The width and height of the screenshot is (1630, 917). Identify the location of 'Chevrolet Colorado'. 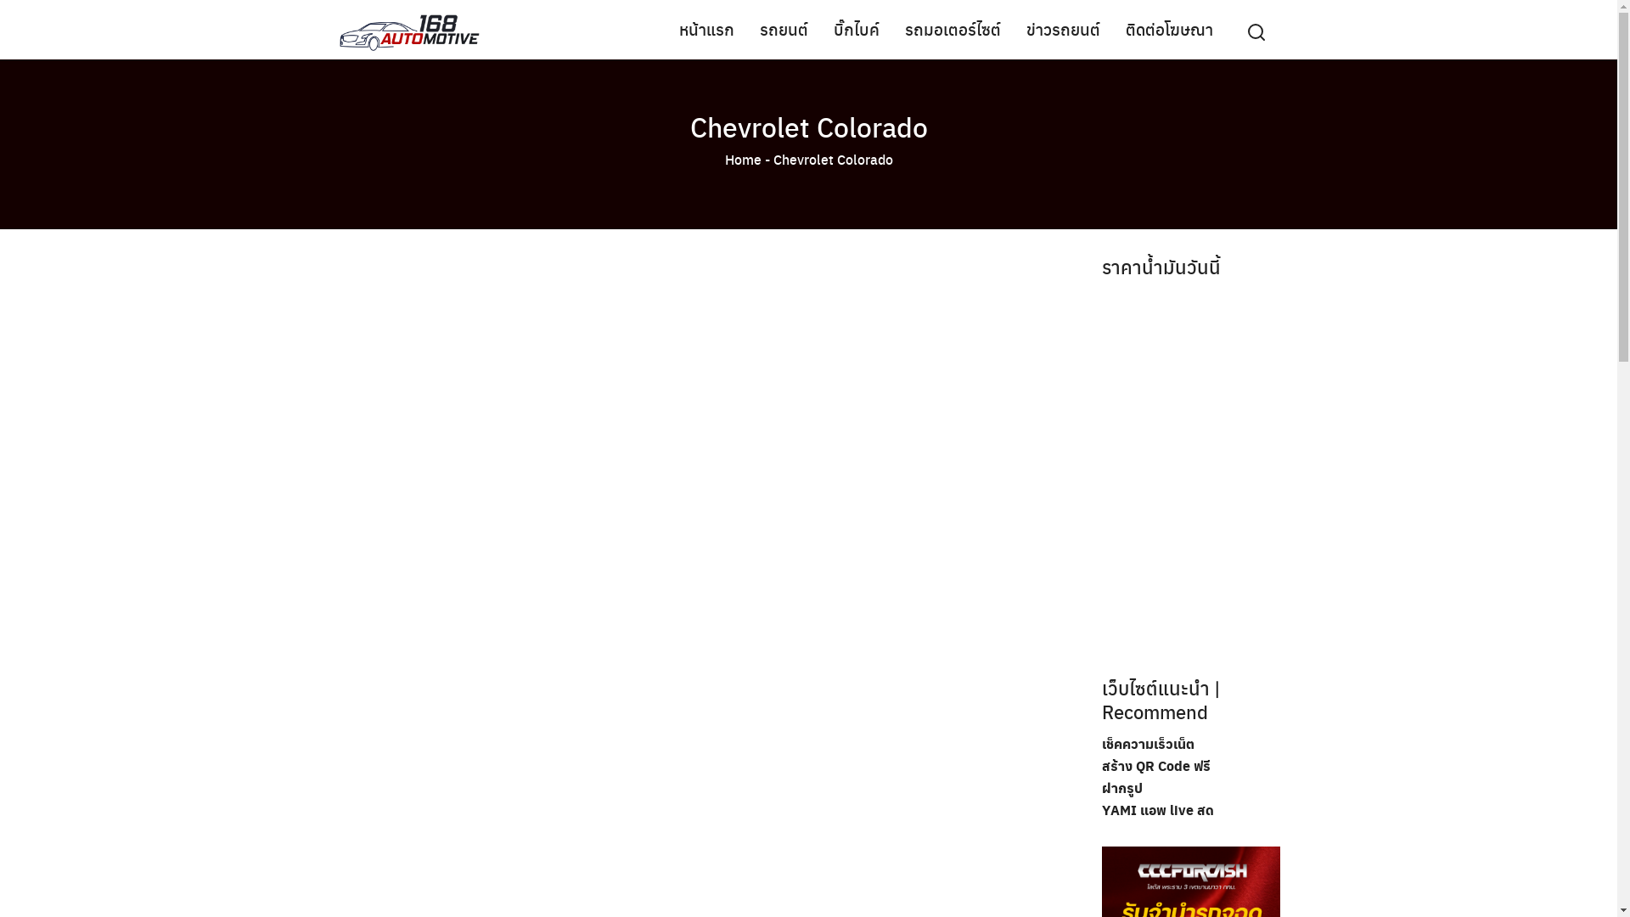
(689, 126).